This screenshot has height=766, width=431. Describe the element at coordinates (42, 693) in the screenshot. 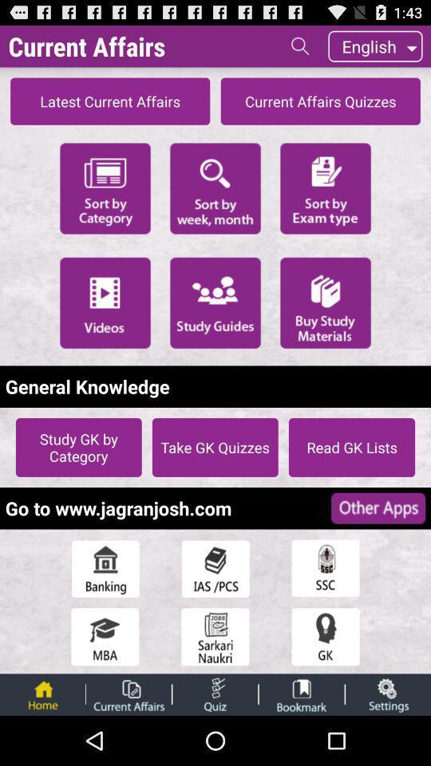

I see `go home` at that location.